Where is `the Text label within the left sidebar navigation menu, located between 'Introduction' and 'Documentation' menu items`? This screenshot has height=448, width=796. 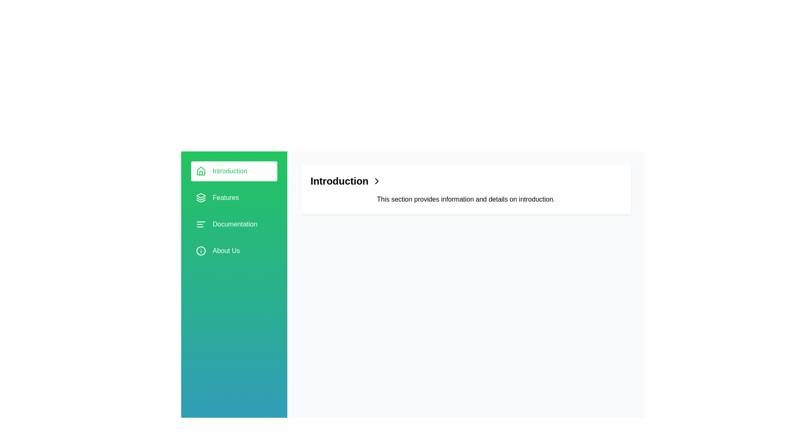 the Text label within the left sidebar navigation menu, located between 'Introduction' and 'Documentation' menu items is located at coordinates (226, 198).